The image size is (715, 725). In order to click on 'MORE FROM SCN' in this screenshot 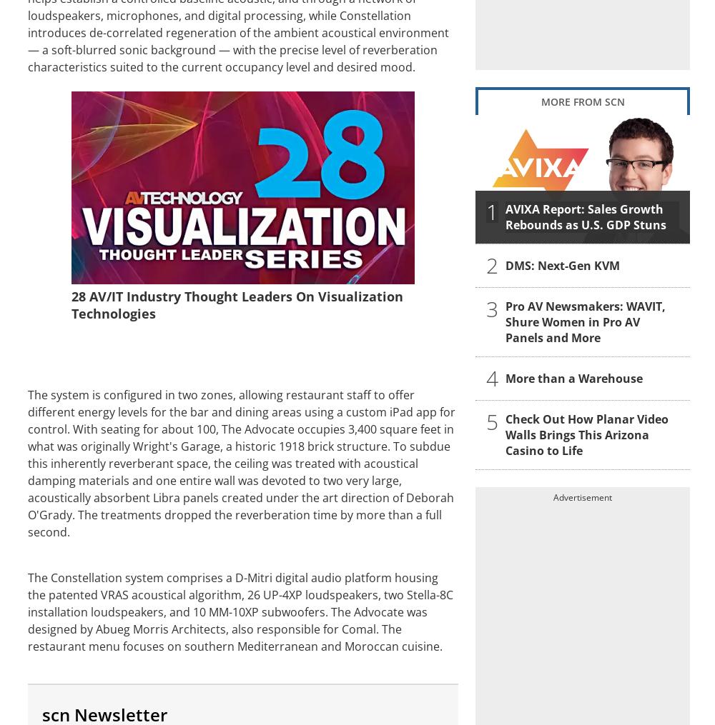, I will do `click(581, 101)`.